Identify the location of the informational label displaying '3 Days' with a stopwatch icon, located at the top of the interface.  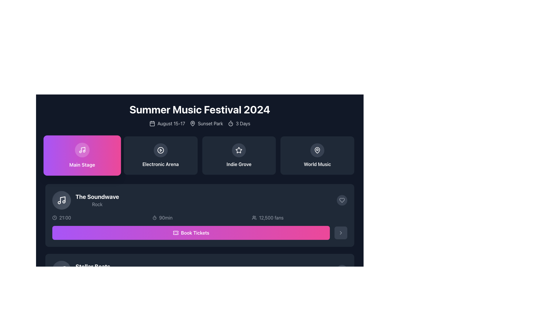
(239, 123).